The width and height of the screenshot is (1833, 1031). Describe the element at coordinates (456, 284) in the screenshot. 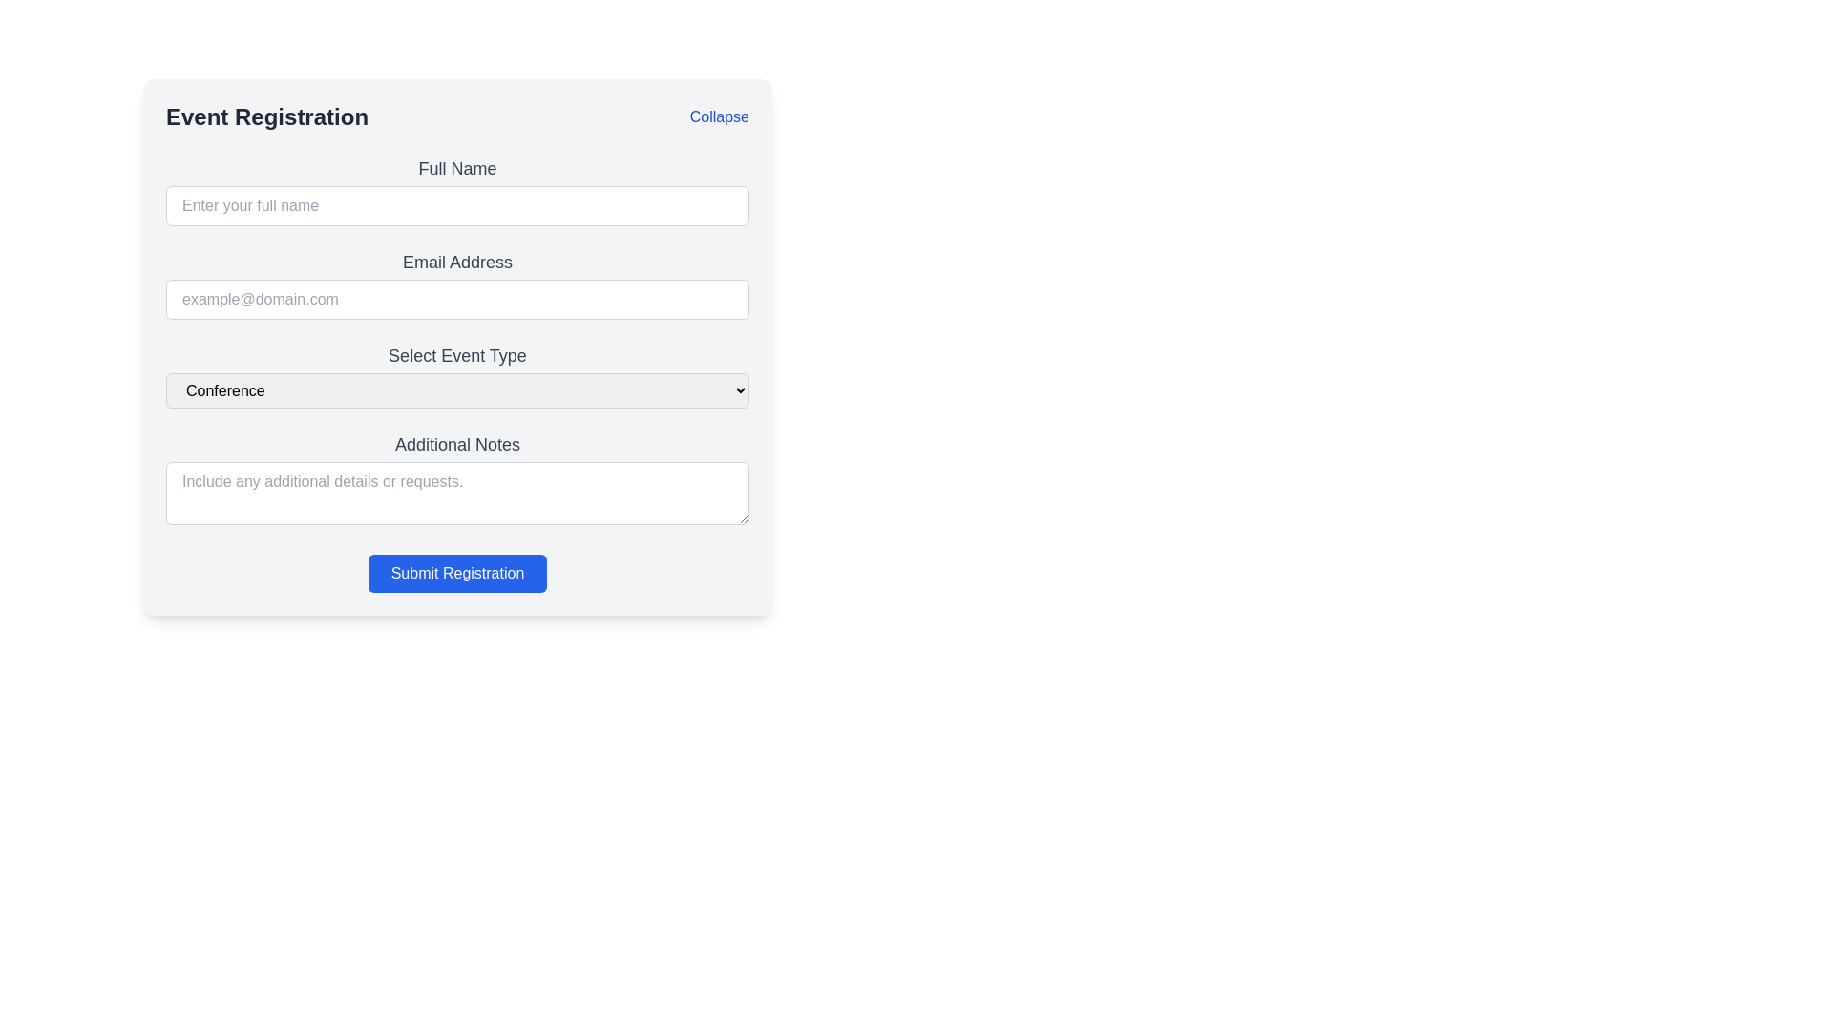

I see `the email address input field located within the 'Event Registration' section, which is the second input field below 'Full Name' and above 'Select Event Type'` at that location.